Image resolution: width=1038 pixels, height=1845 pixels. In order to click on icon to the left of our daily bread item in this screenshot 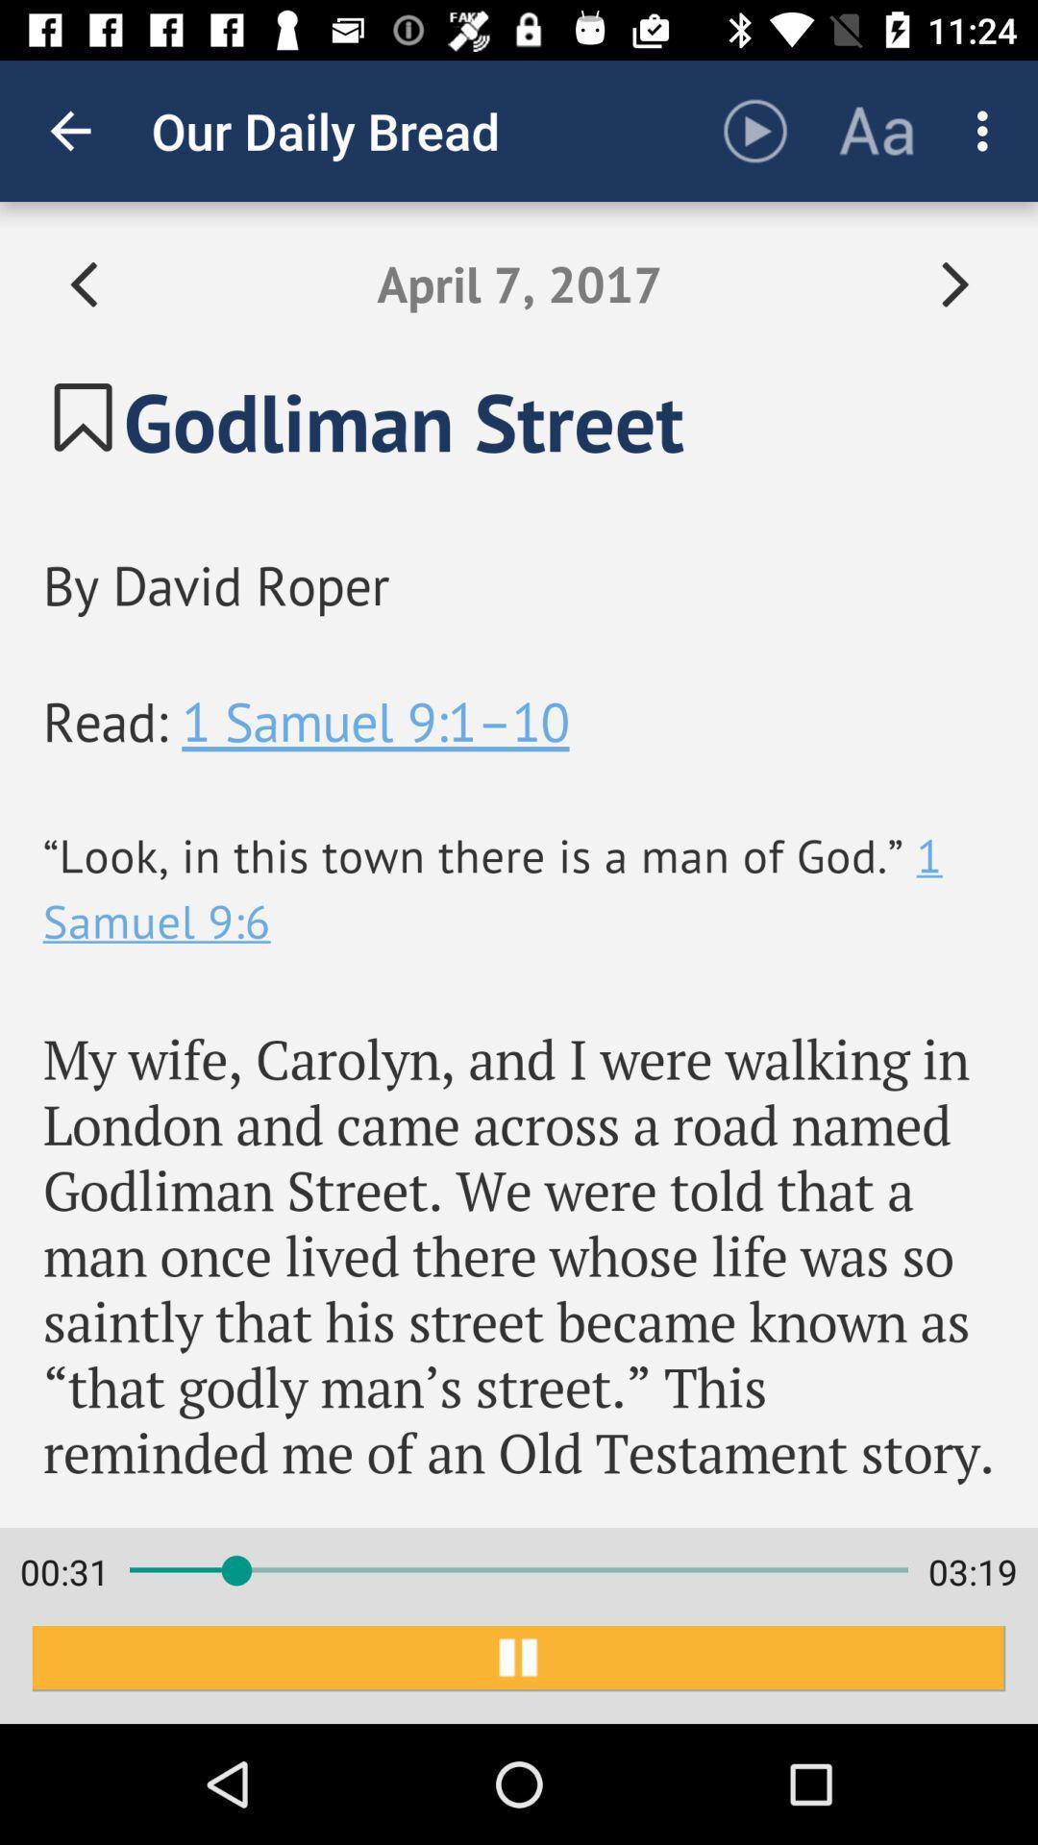, I will do `click(69, 130)`.